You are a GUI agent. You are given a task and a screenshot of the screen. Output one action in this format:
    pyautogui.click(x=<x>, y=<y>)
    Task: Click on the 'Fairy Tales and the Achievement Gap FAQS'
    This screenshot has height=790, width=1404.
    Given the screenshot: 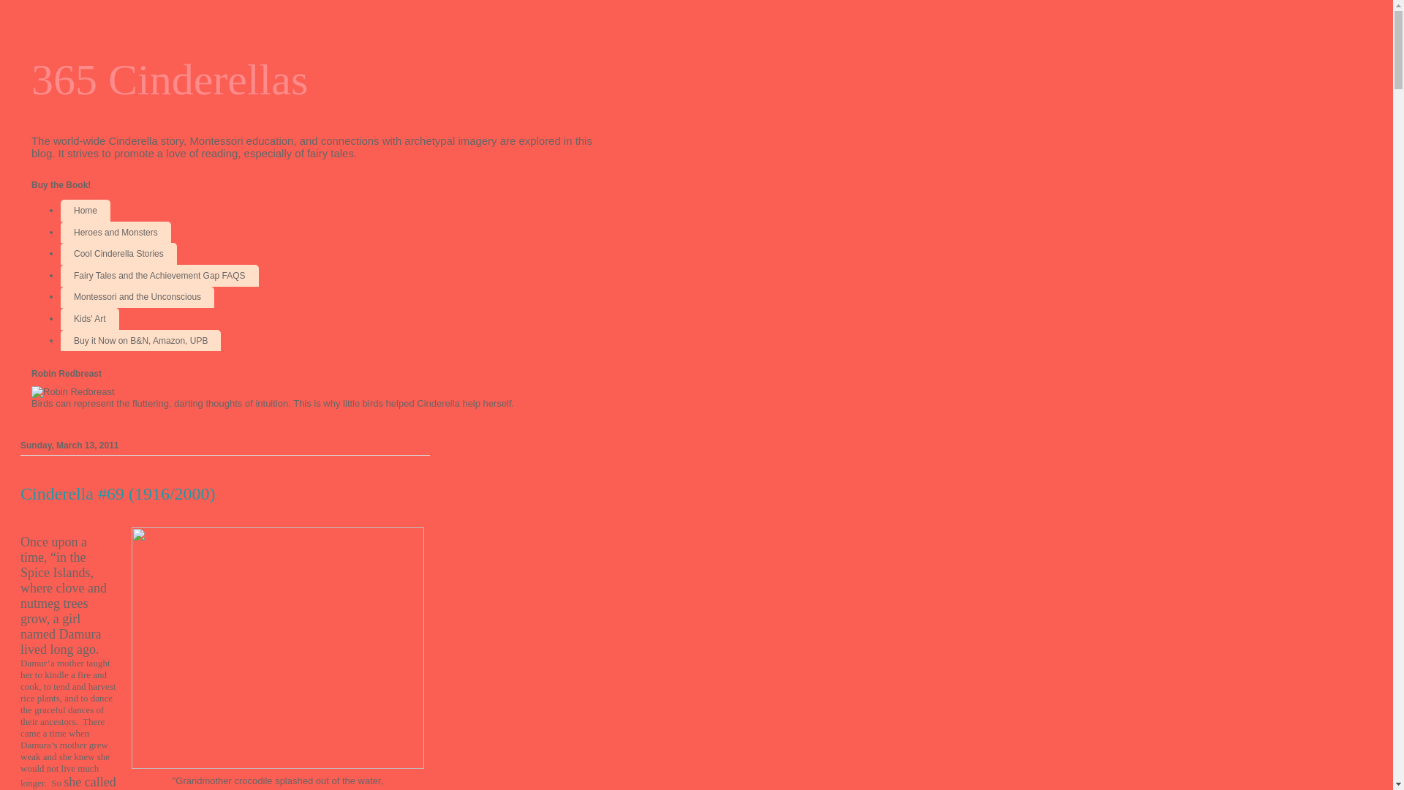 What is the action you would take?
    pyautogui.click(x=159, y=276)
    